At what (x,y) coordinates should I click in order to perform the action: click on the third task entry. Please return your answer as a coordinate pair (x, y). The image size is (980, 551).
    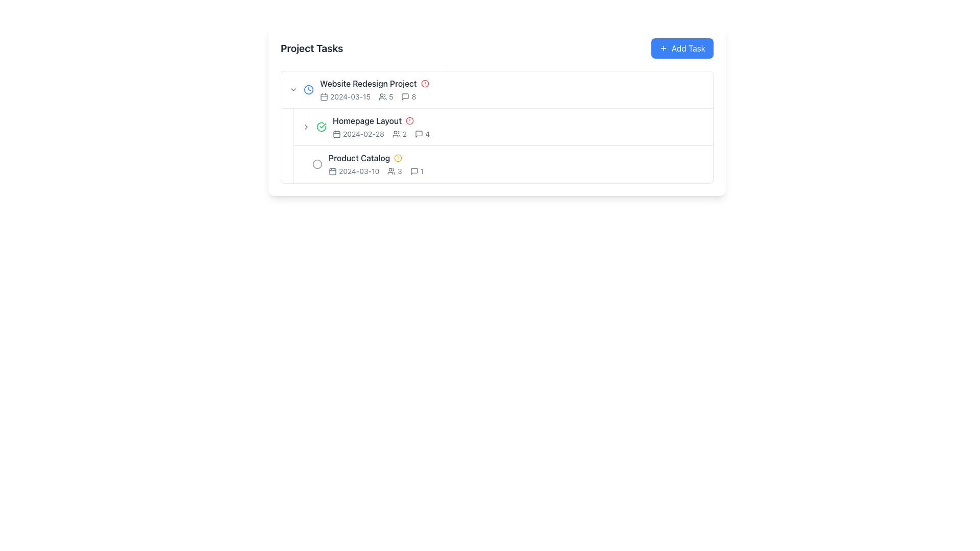
    Looking at the image, I should click on (518, 163).